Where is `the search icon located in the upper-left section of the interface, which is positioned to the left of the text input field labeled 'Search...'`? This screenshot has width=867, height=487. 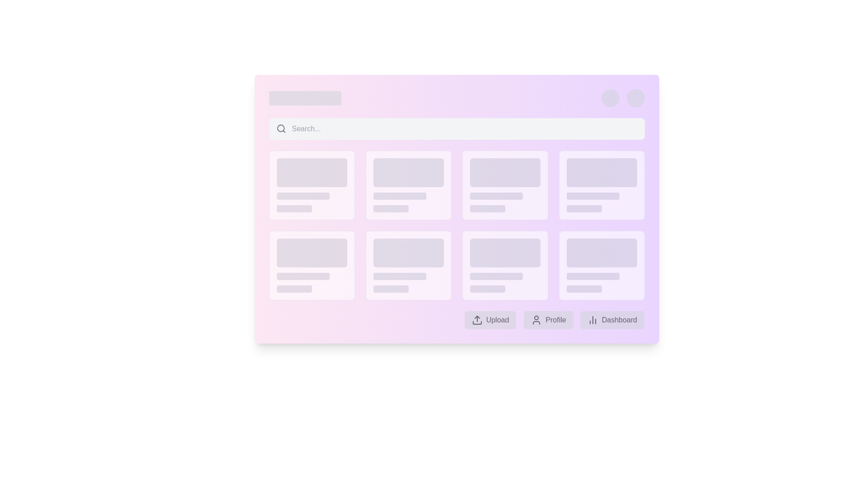 the search icon located in the upper-left section of the interface, which is positioned to the left of the text input field labeled 'Search...' is located at coordinates (281, 129).